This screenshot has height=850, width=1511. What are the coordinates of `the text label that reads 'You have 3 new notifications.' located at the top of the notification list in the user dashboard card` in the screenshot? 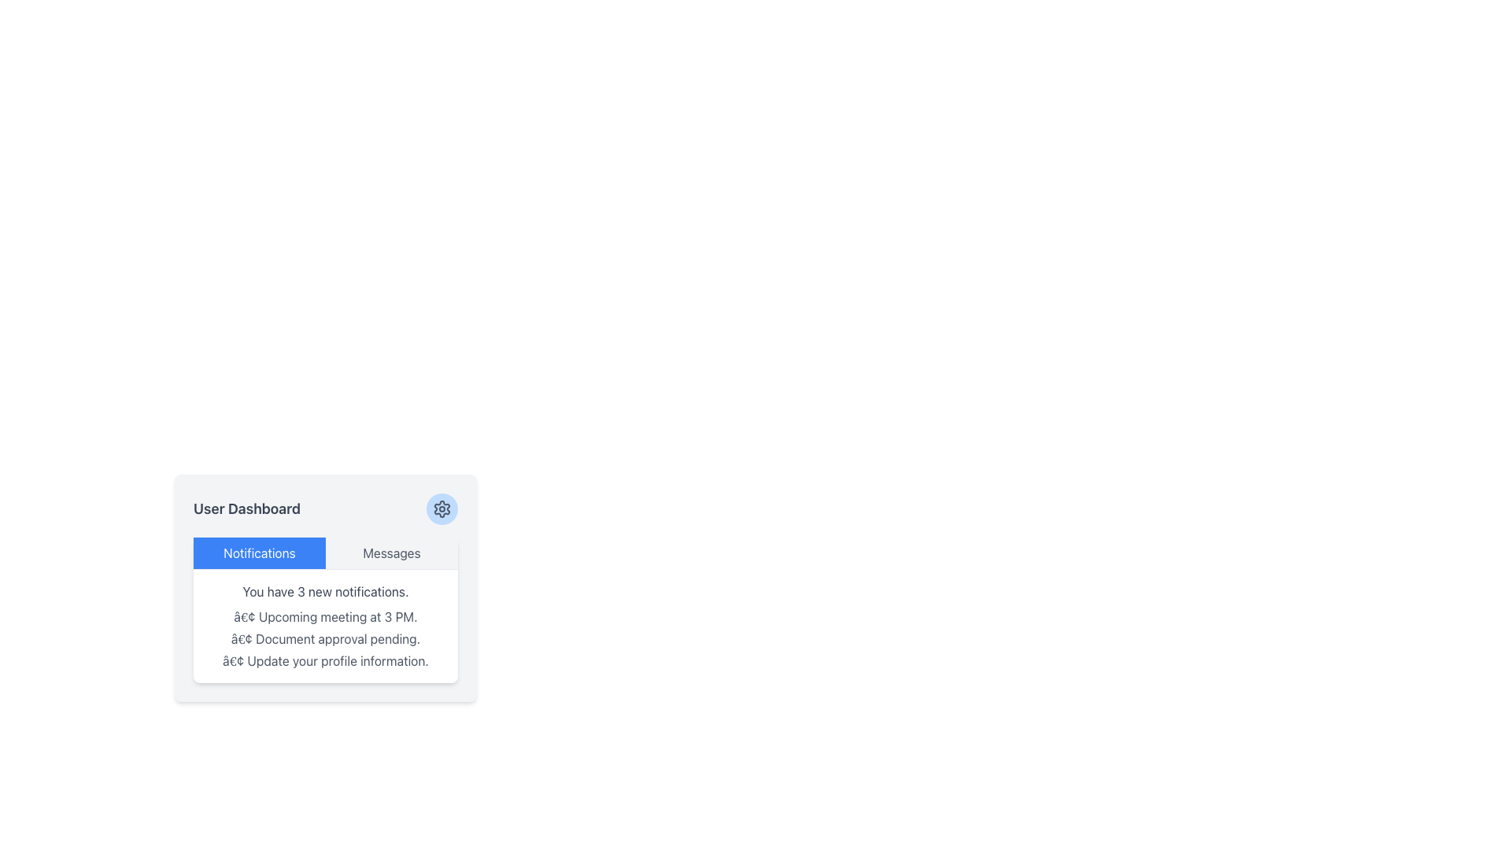 It's located at (324, 592).